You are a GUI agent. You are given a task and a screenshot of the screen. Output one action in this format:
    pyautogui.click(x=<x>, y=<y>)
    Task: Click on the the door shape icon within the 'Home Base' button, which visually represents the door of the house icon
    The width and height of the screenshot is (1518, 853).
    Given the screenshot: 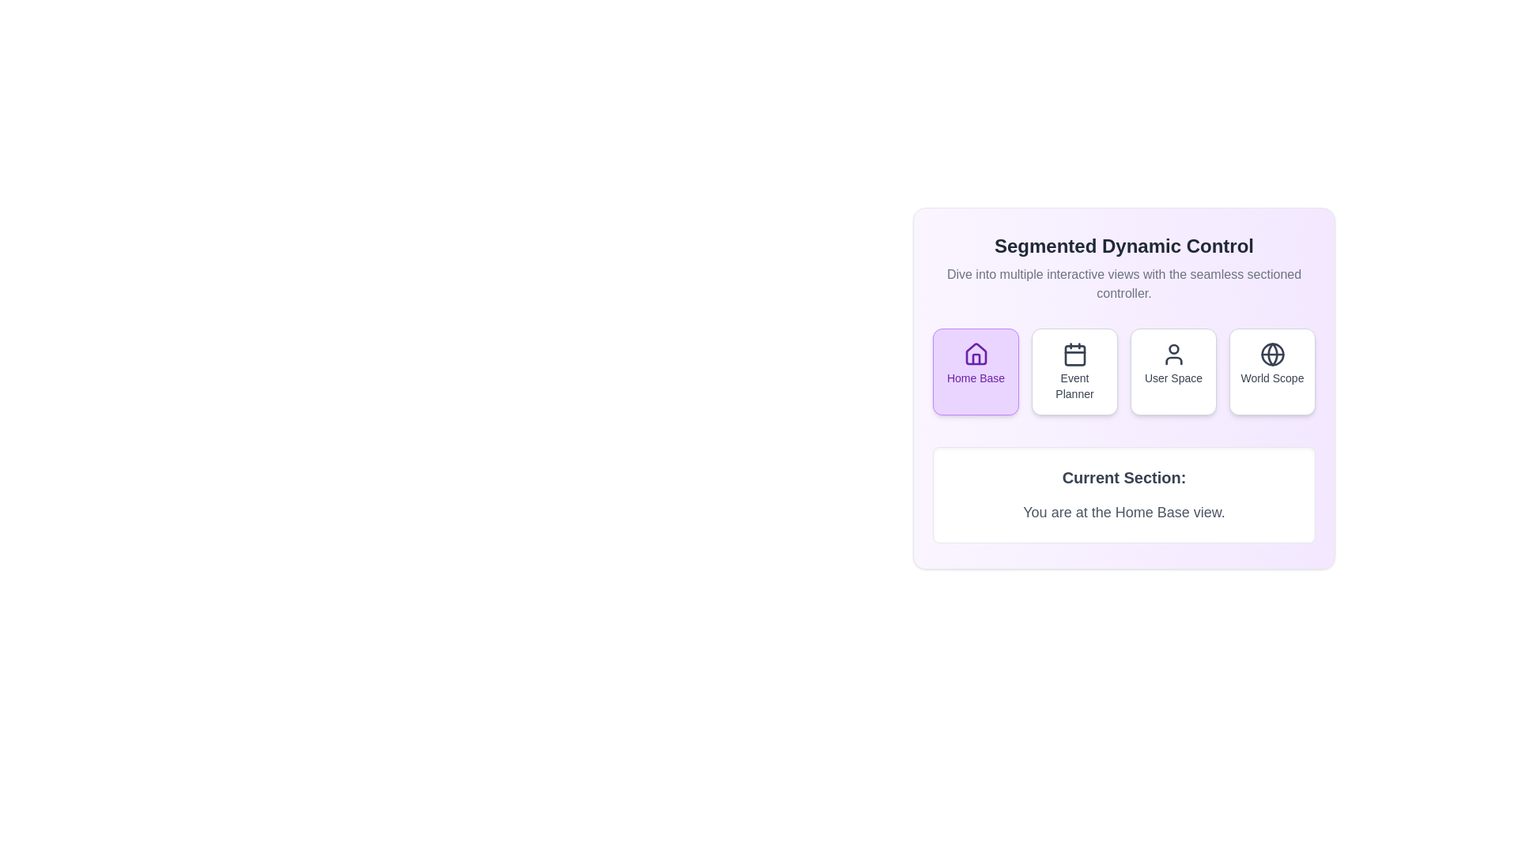 What is the action you would take?
    pyautogui.click(x=975, y=359)
    